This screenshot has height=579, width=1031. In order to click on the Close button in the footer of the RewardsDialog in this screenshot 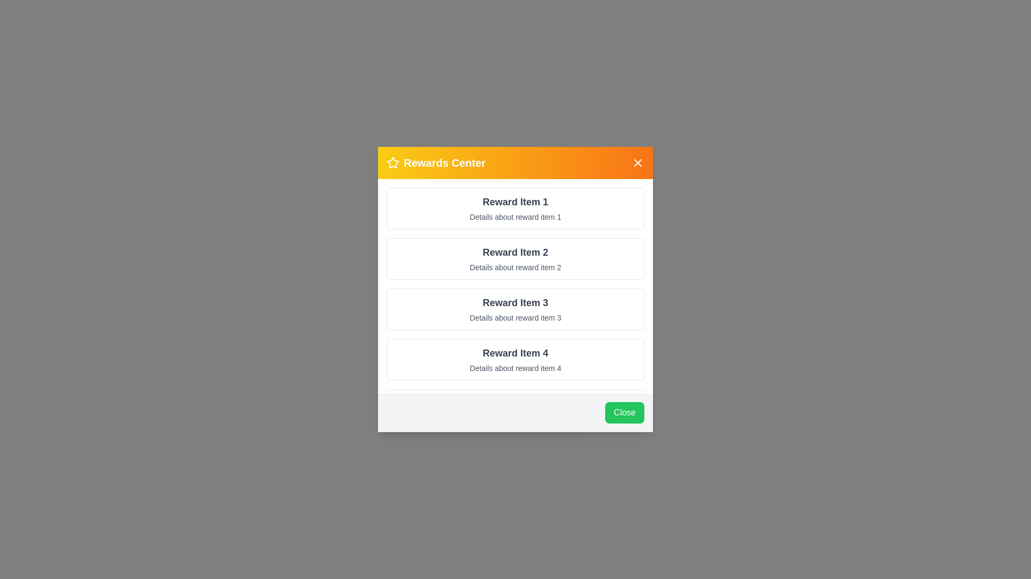, I will do `click(625, 412)`.